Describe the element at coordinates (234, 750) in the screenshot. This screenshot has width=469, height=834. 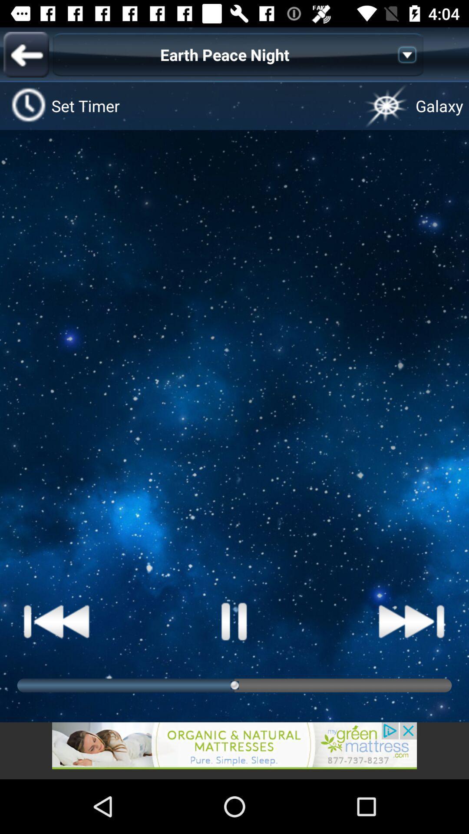
I see `go back` at that location.